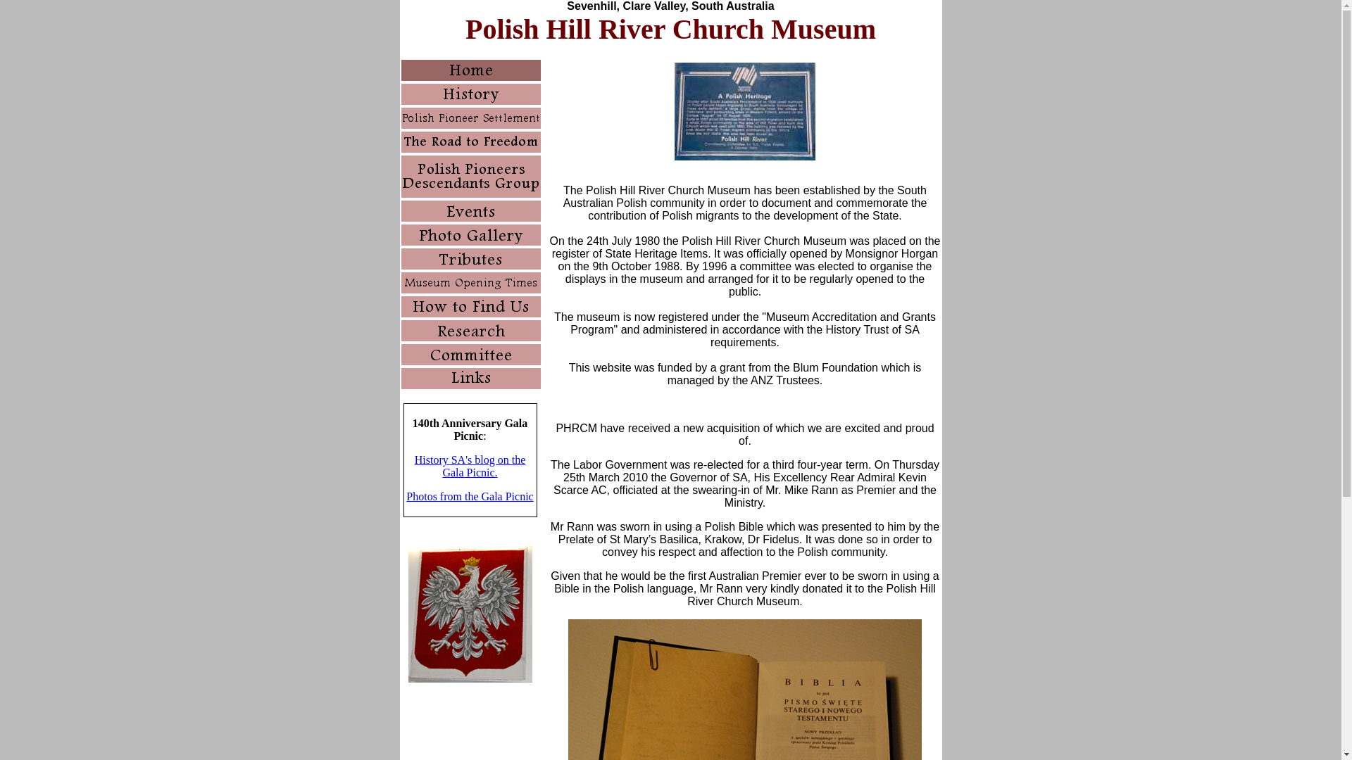  What do you see at coordinates (470, 466) in the screenshot?
I see `'History SA's blog on the Gala Picnic.'` at bounding box center [470, 466].